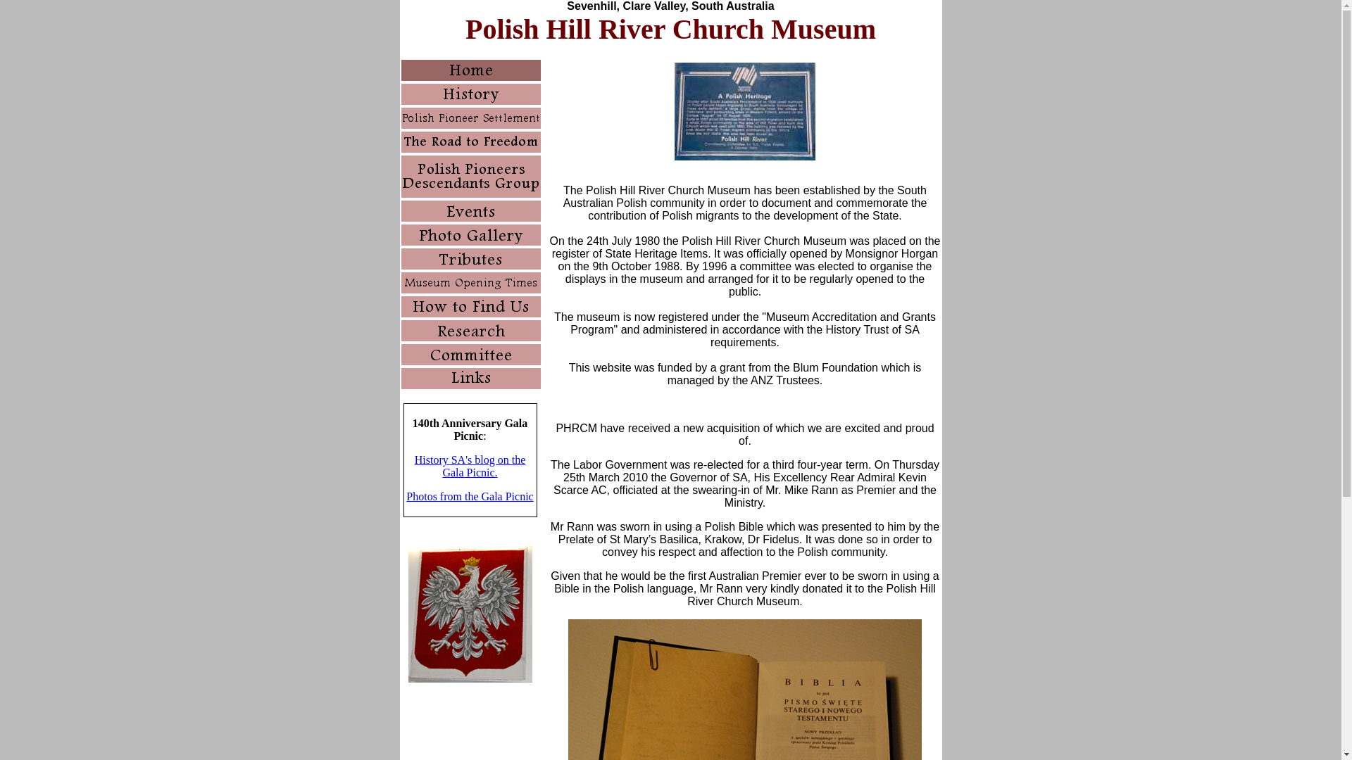  What do you see at coordinates (470, 466) in the screenshot?
I see `'History SA's blog on the Gala Picnic.'` at bounding box center [470, 466].